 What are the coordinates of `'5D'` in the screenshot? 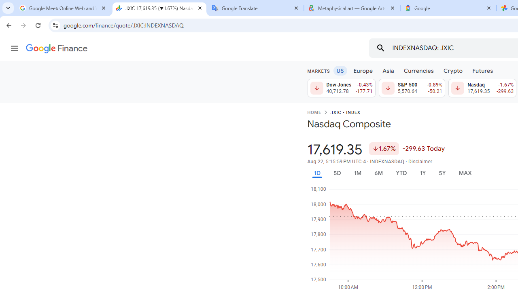 It's located at (337, 173).